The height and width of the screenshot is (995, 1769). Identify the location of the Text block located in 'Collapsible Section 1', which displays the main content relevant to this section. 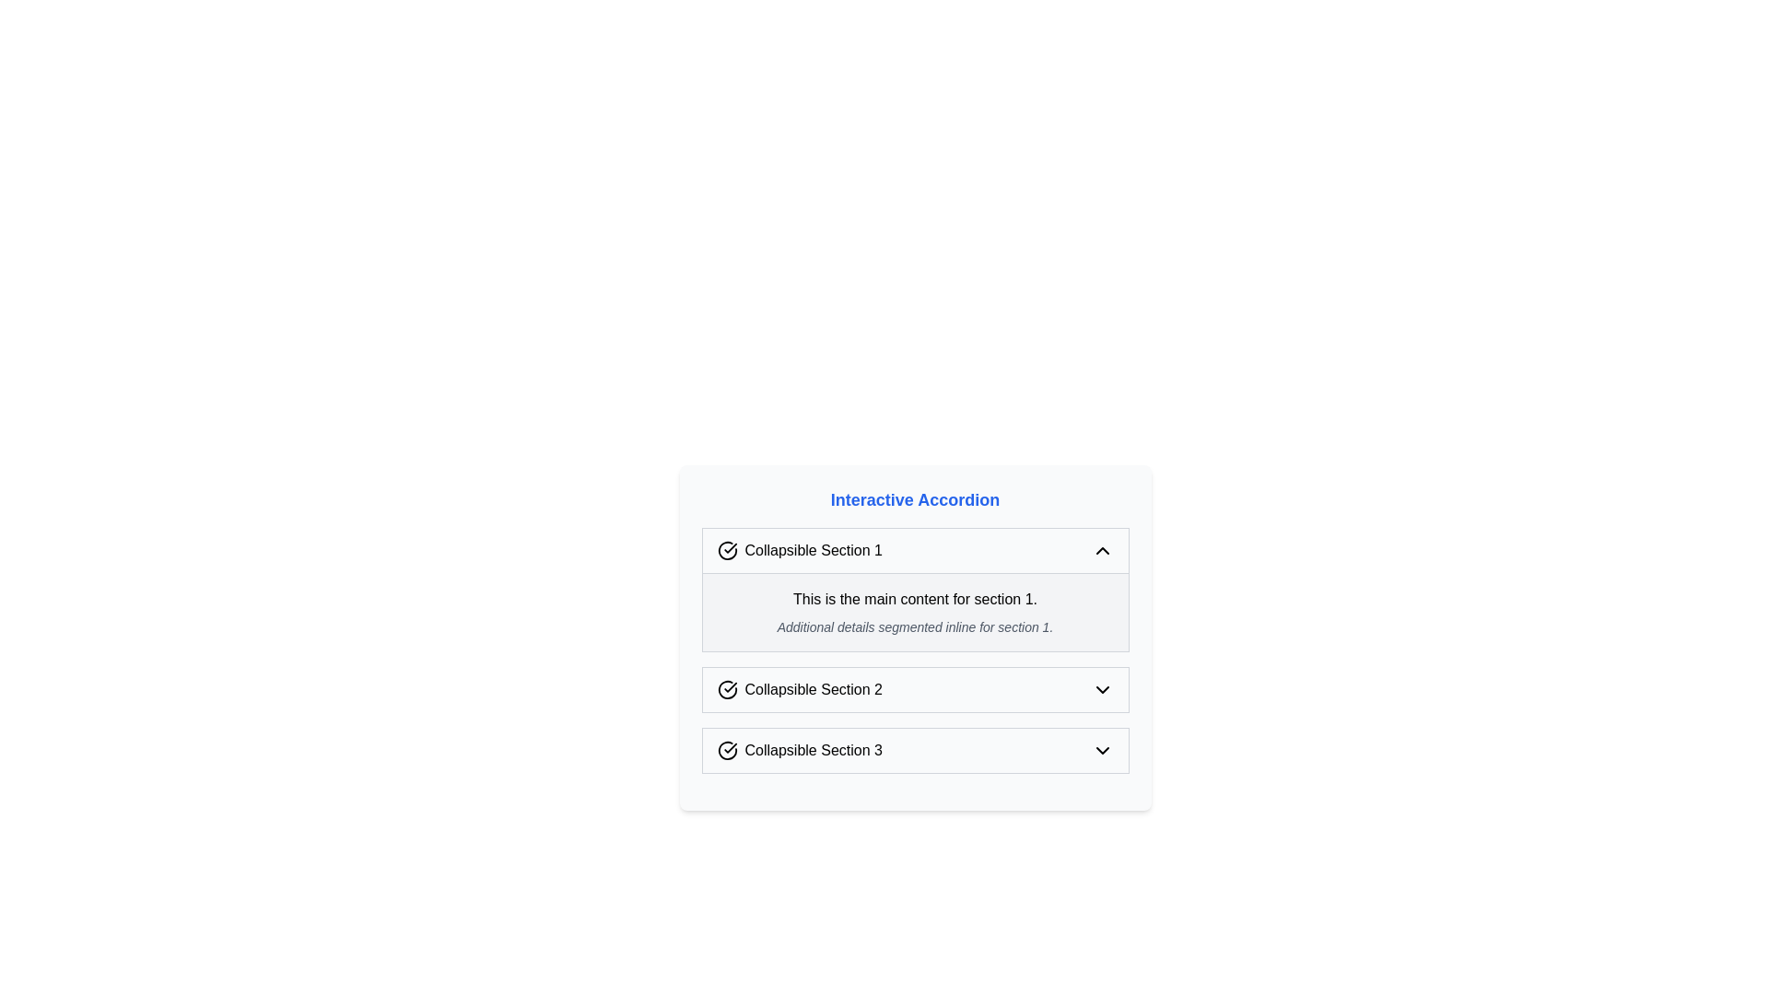
(915, 612).